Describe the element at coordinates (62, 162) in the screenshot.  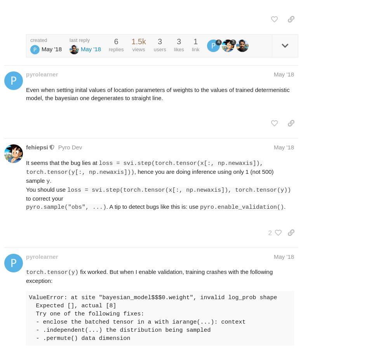
I see `'It seems that the bug lies at'` at that location.